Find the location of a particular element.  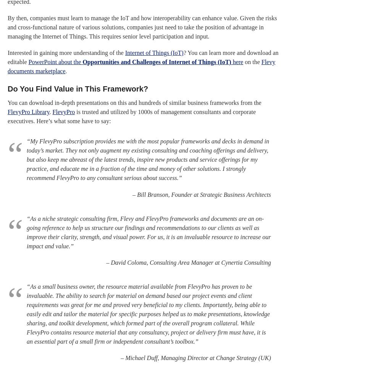

'? You can learn more and download an editable' is located at coordinates (143, 57).